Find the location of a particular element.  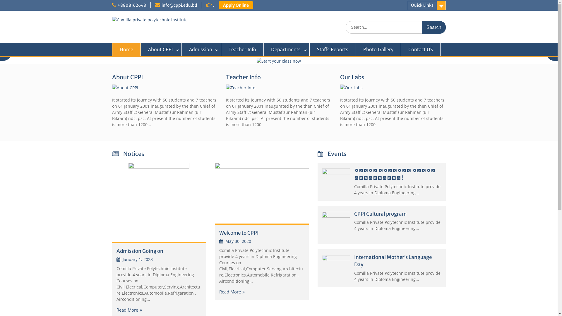

'Admission' is located at coordinates (201, 49).